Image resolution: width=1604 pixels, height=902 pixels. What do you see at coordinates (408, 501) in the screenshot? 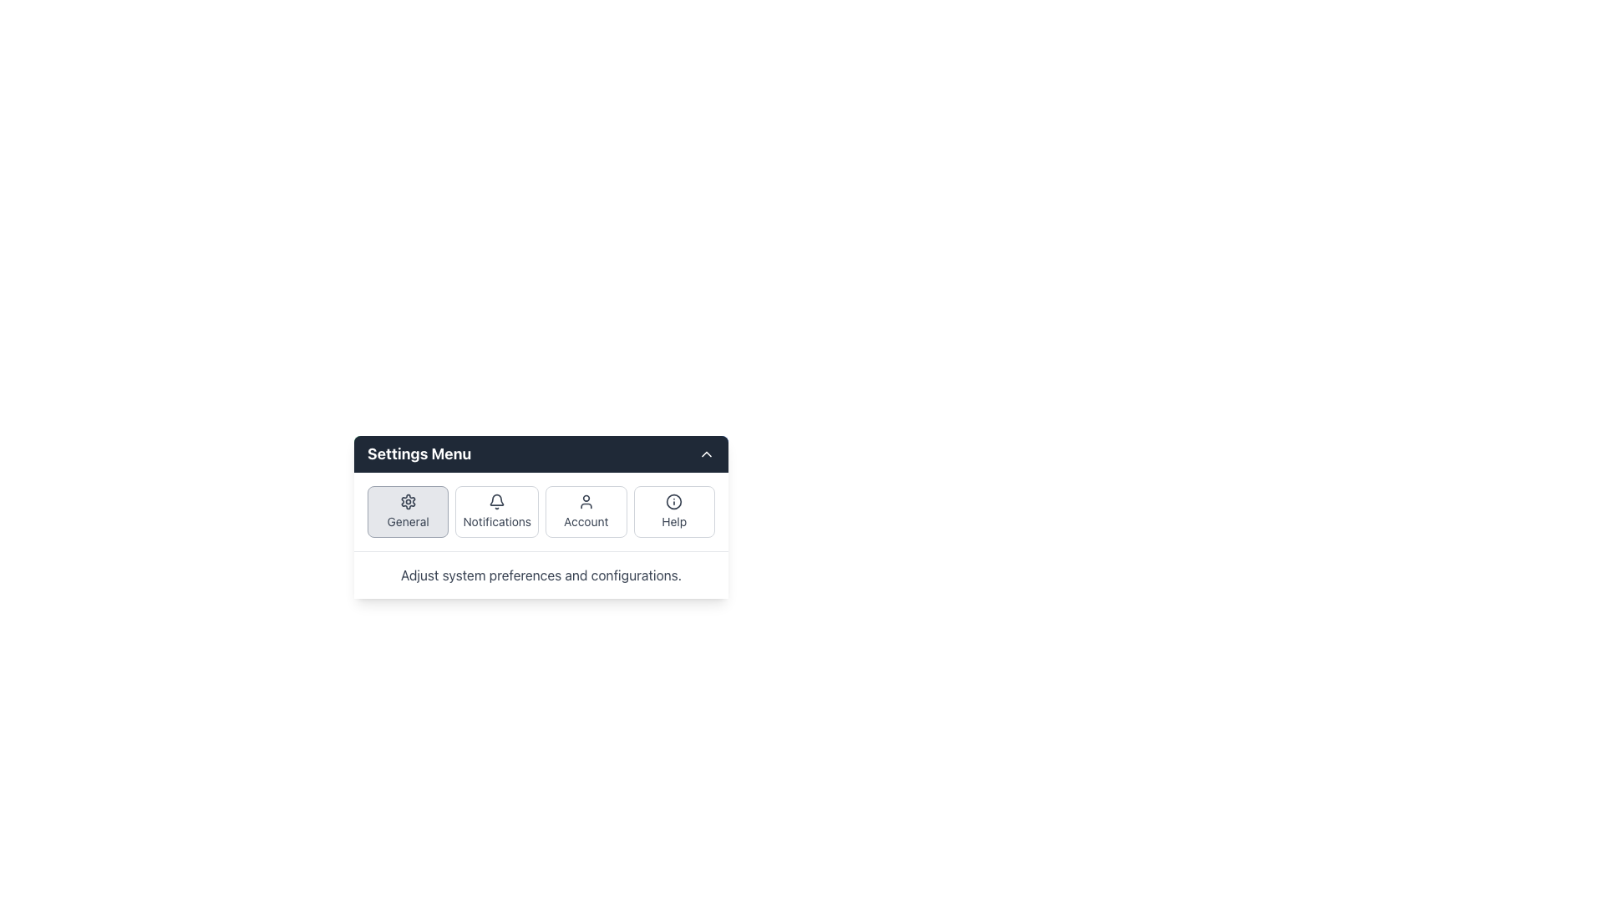
I see `the settings icon representing the 'General' settings category located in the top-left position of the horizontal settings menu` at bounding box center [408, 501].